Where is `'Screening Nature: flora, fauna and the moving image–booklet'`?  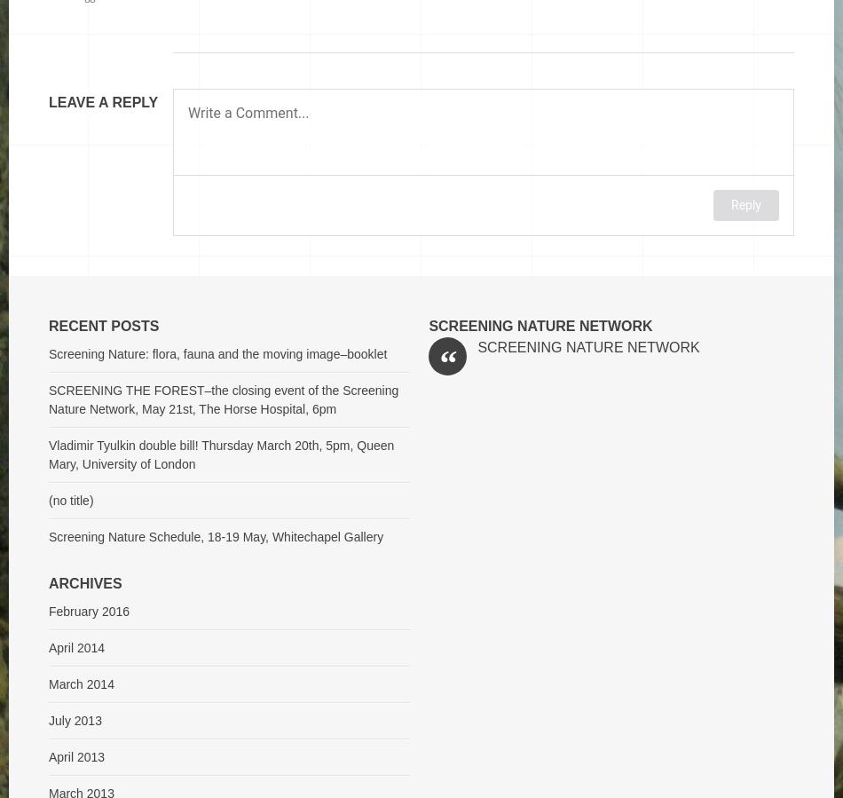
'Screening Nature: flora, fauna and the moving image–booklet' is located at coordinates (217, 352).